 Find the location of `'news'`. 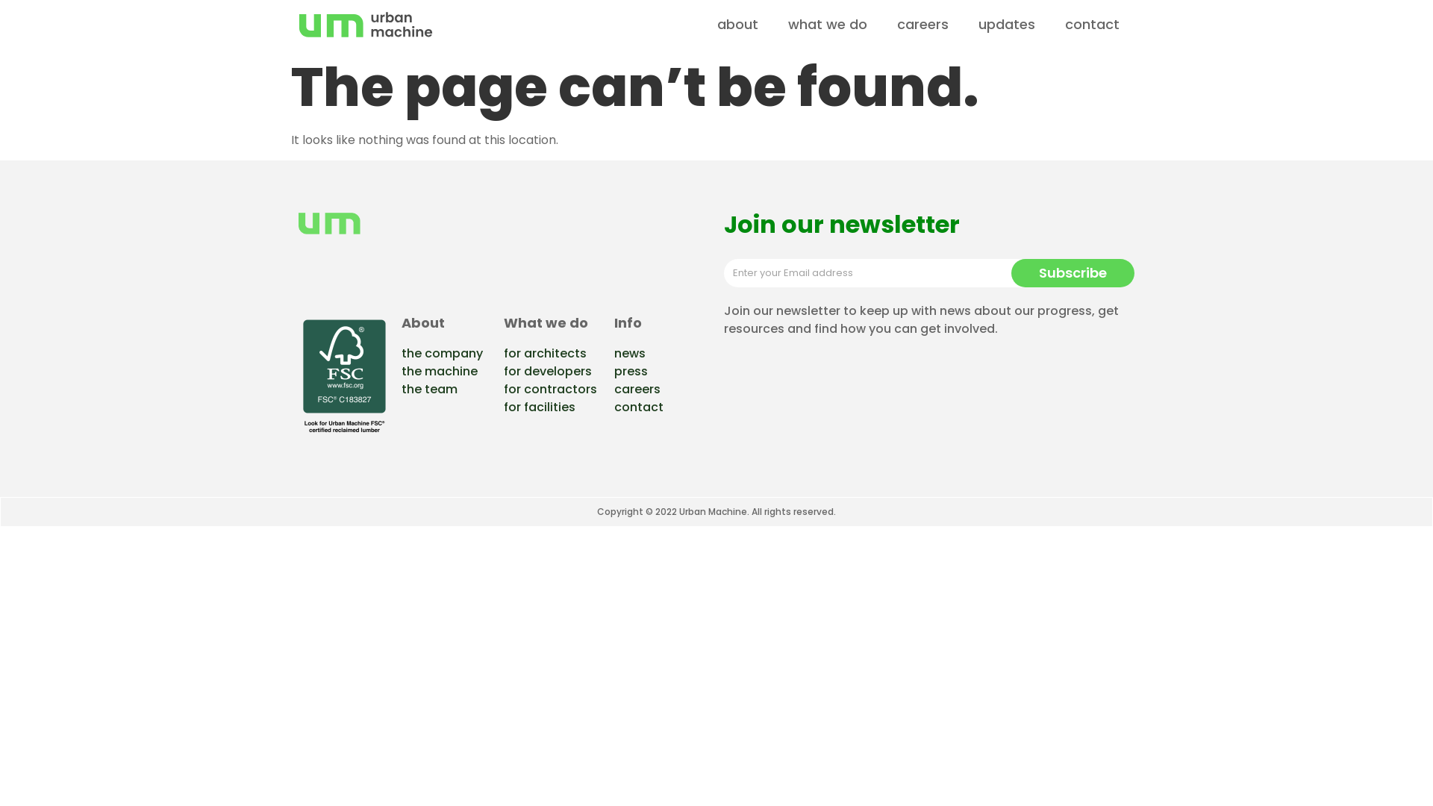

'news' is located at coordinates (629, 353).